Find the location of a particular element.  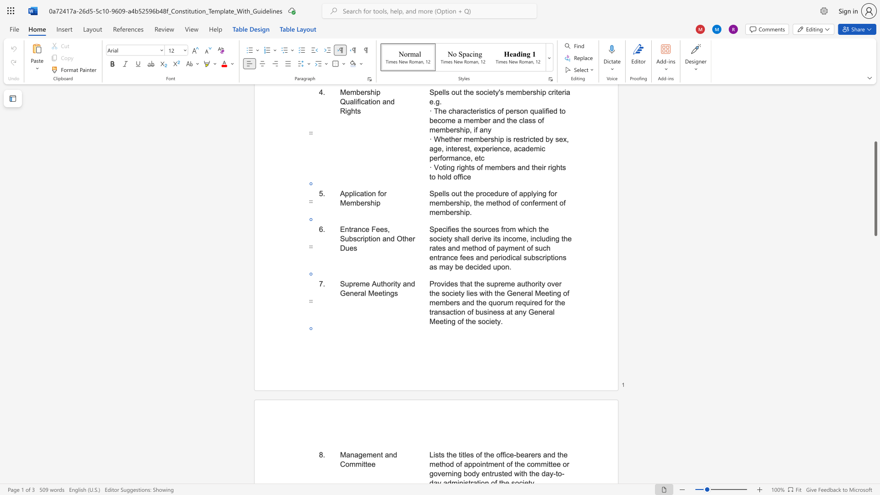

the space between the continuous character "c" and "i" in the text is located at coordinates (488, 321).